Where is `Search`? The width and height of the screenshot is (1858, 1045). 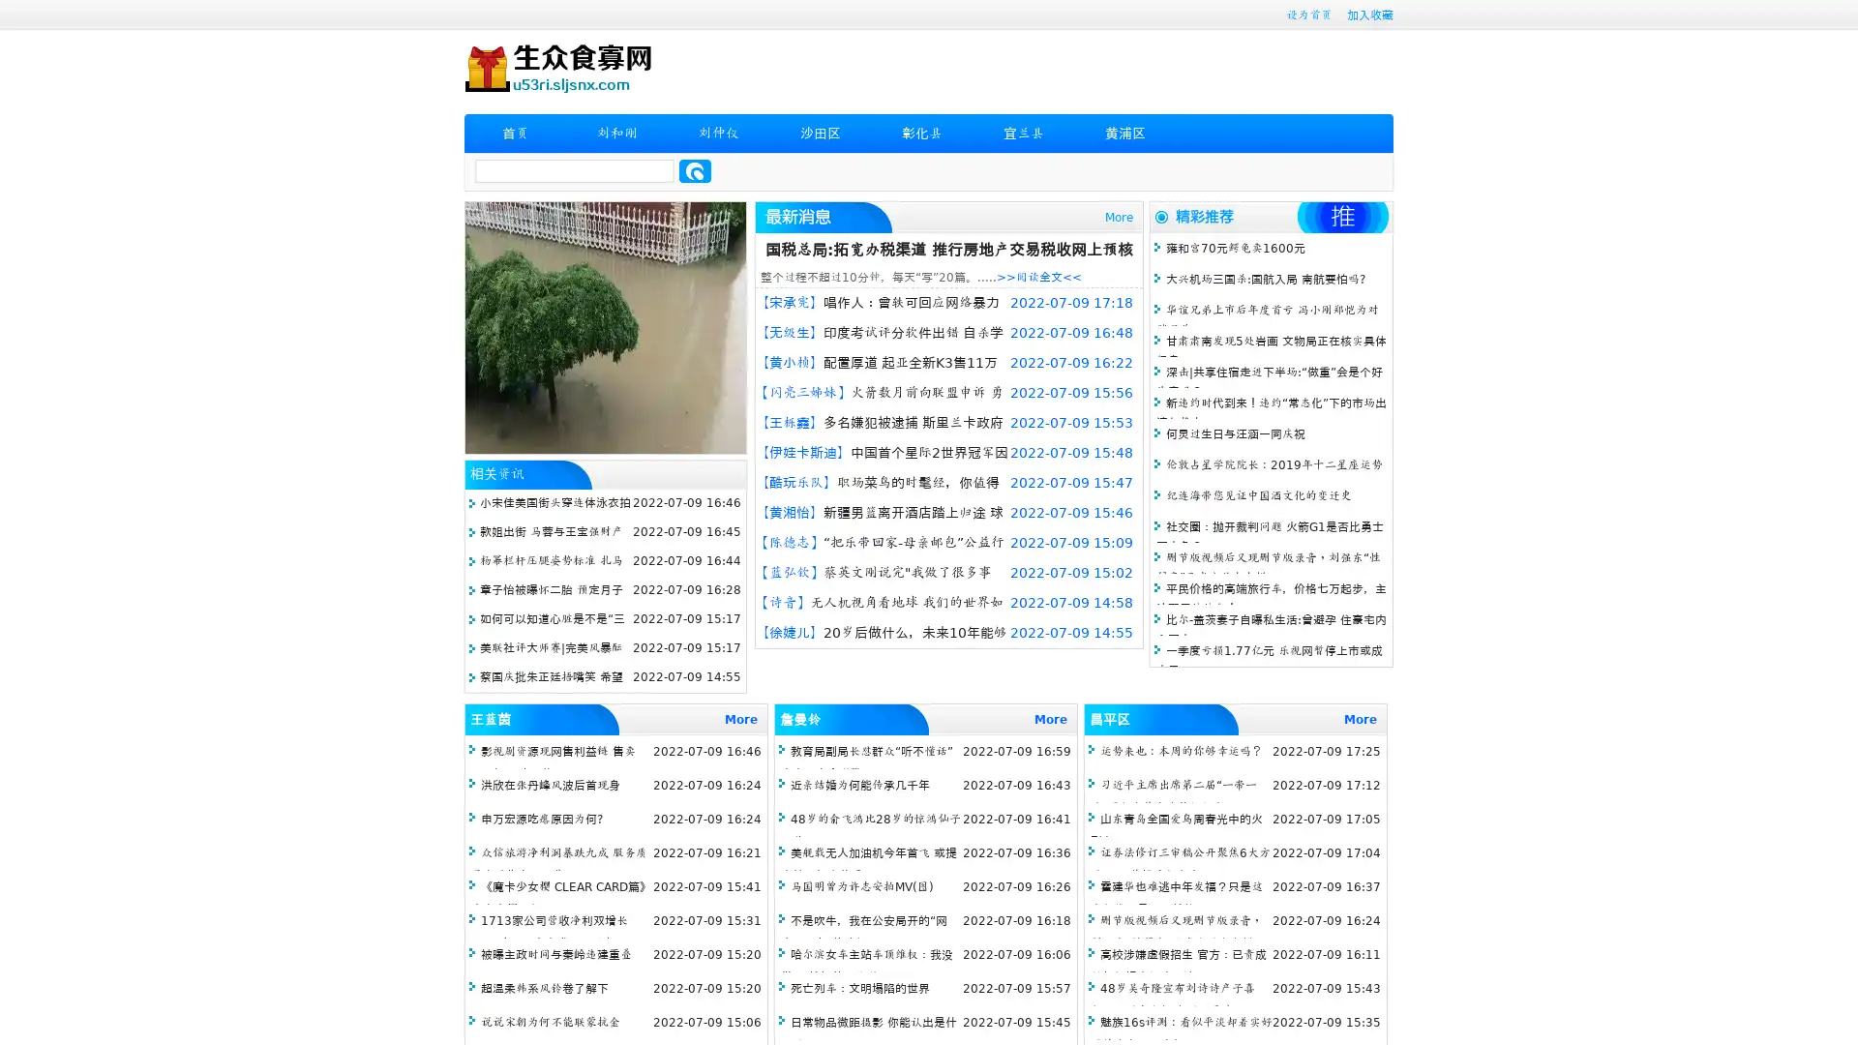
Search is located at coordinates (695, 170).